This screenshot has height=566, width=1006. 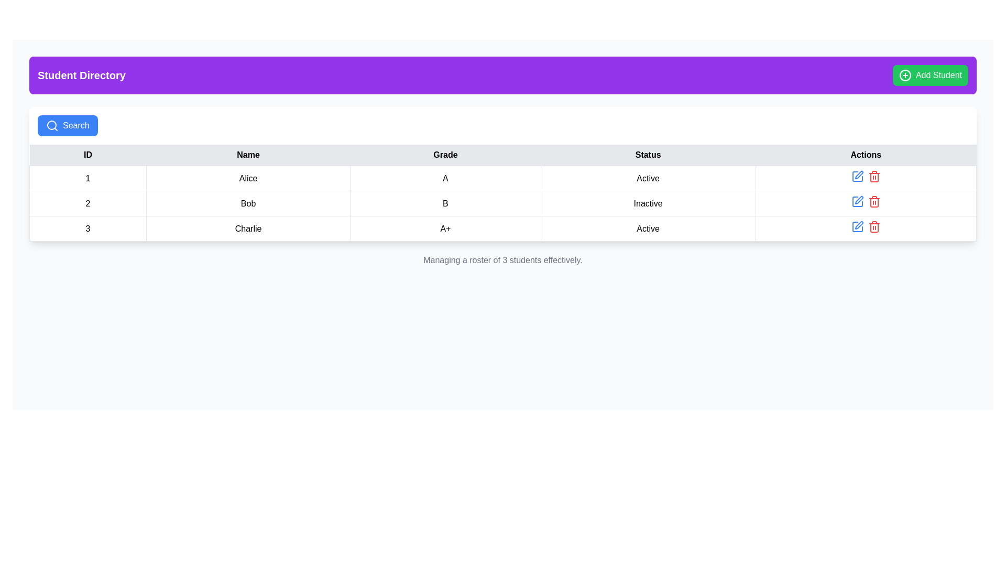 I want to click on the 'Active' status text, so click(x=648, y=177).